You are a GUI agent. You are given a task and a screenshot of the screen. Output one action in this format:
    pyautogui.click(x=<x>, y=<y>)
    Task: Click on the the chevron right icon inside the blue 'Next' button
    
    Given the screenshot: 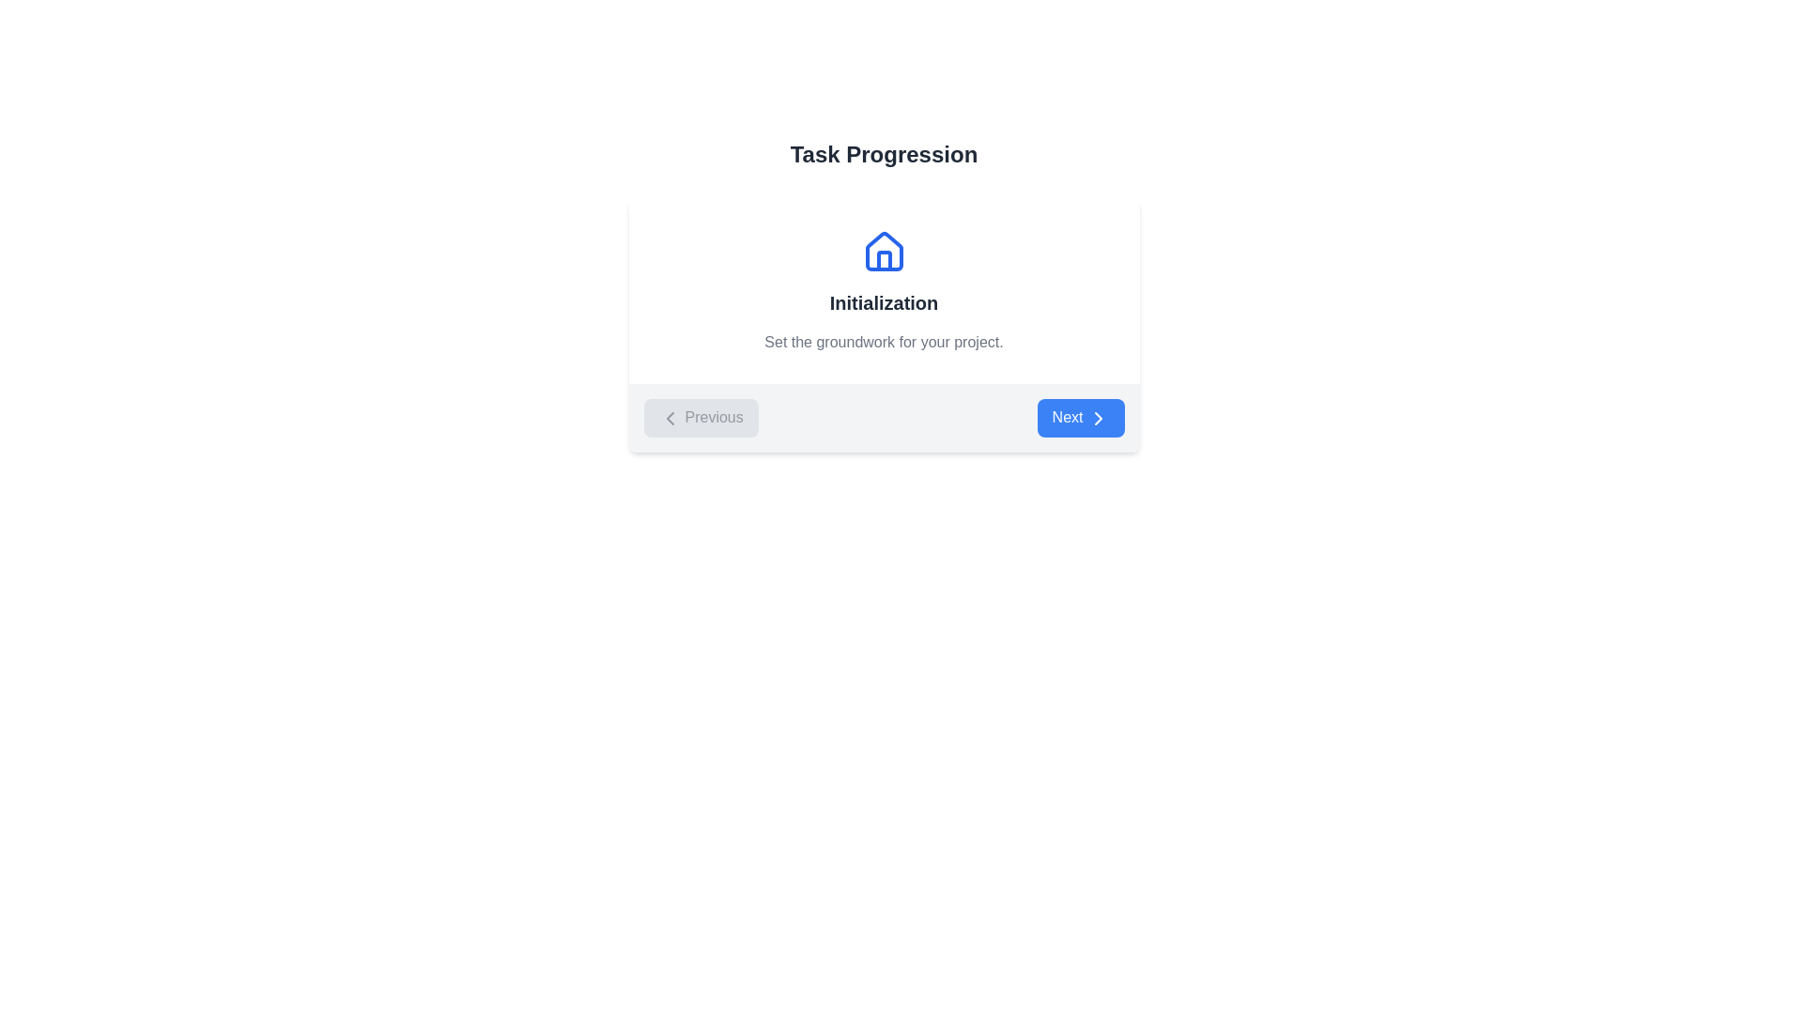 What is the action you would take?
    pyautogui.click(x=1098, y=417)
    